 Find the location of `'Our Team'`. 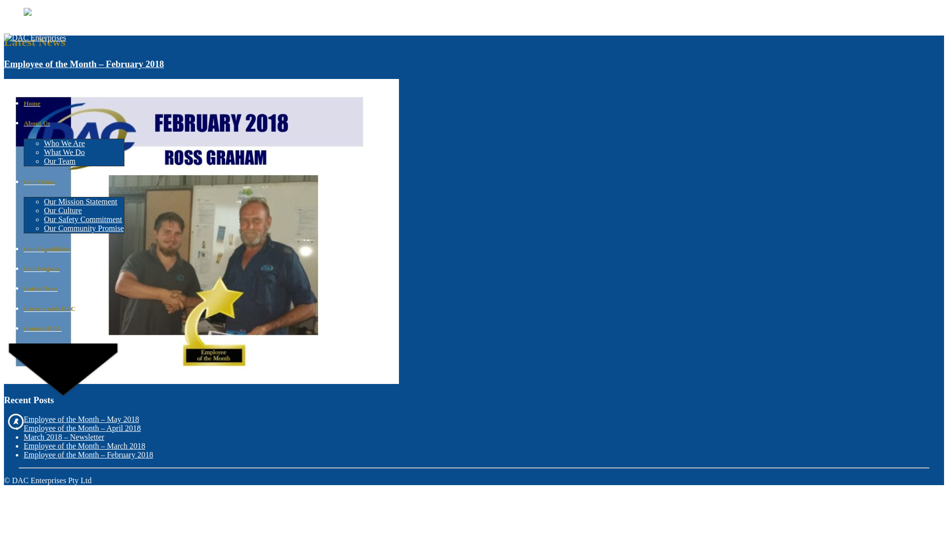

'Our Team' is located at coordinates (43, 160).